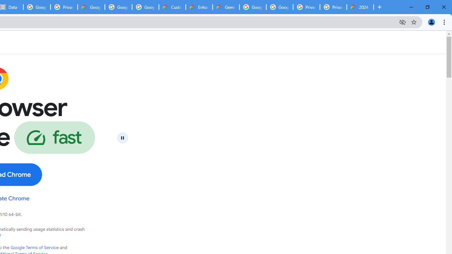  What do you see at coordinates (198, 7) in the screenshot?
I see `'Enhanced Support | Google Cloud'` at bounding box center [198, 7].